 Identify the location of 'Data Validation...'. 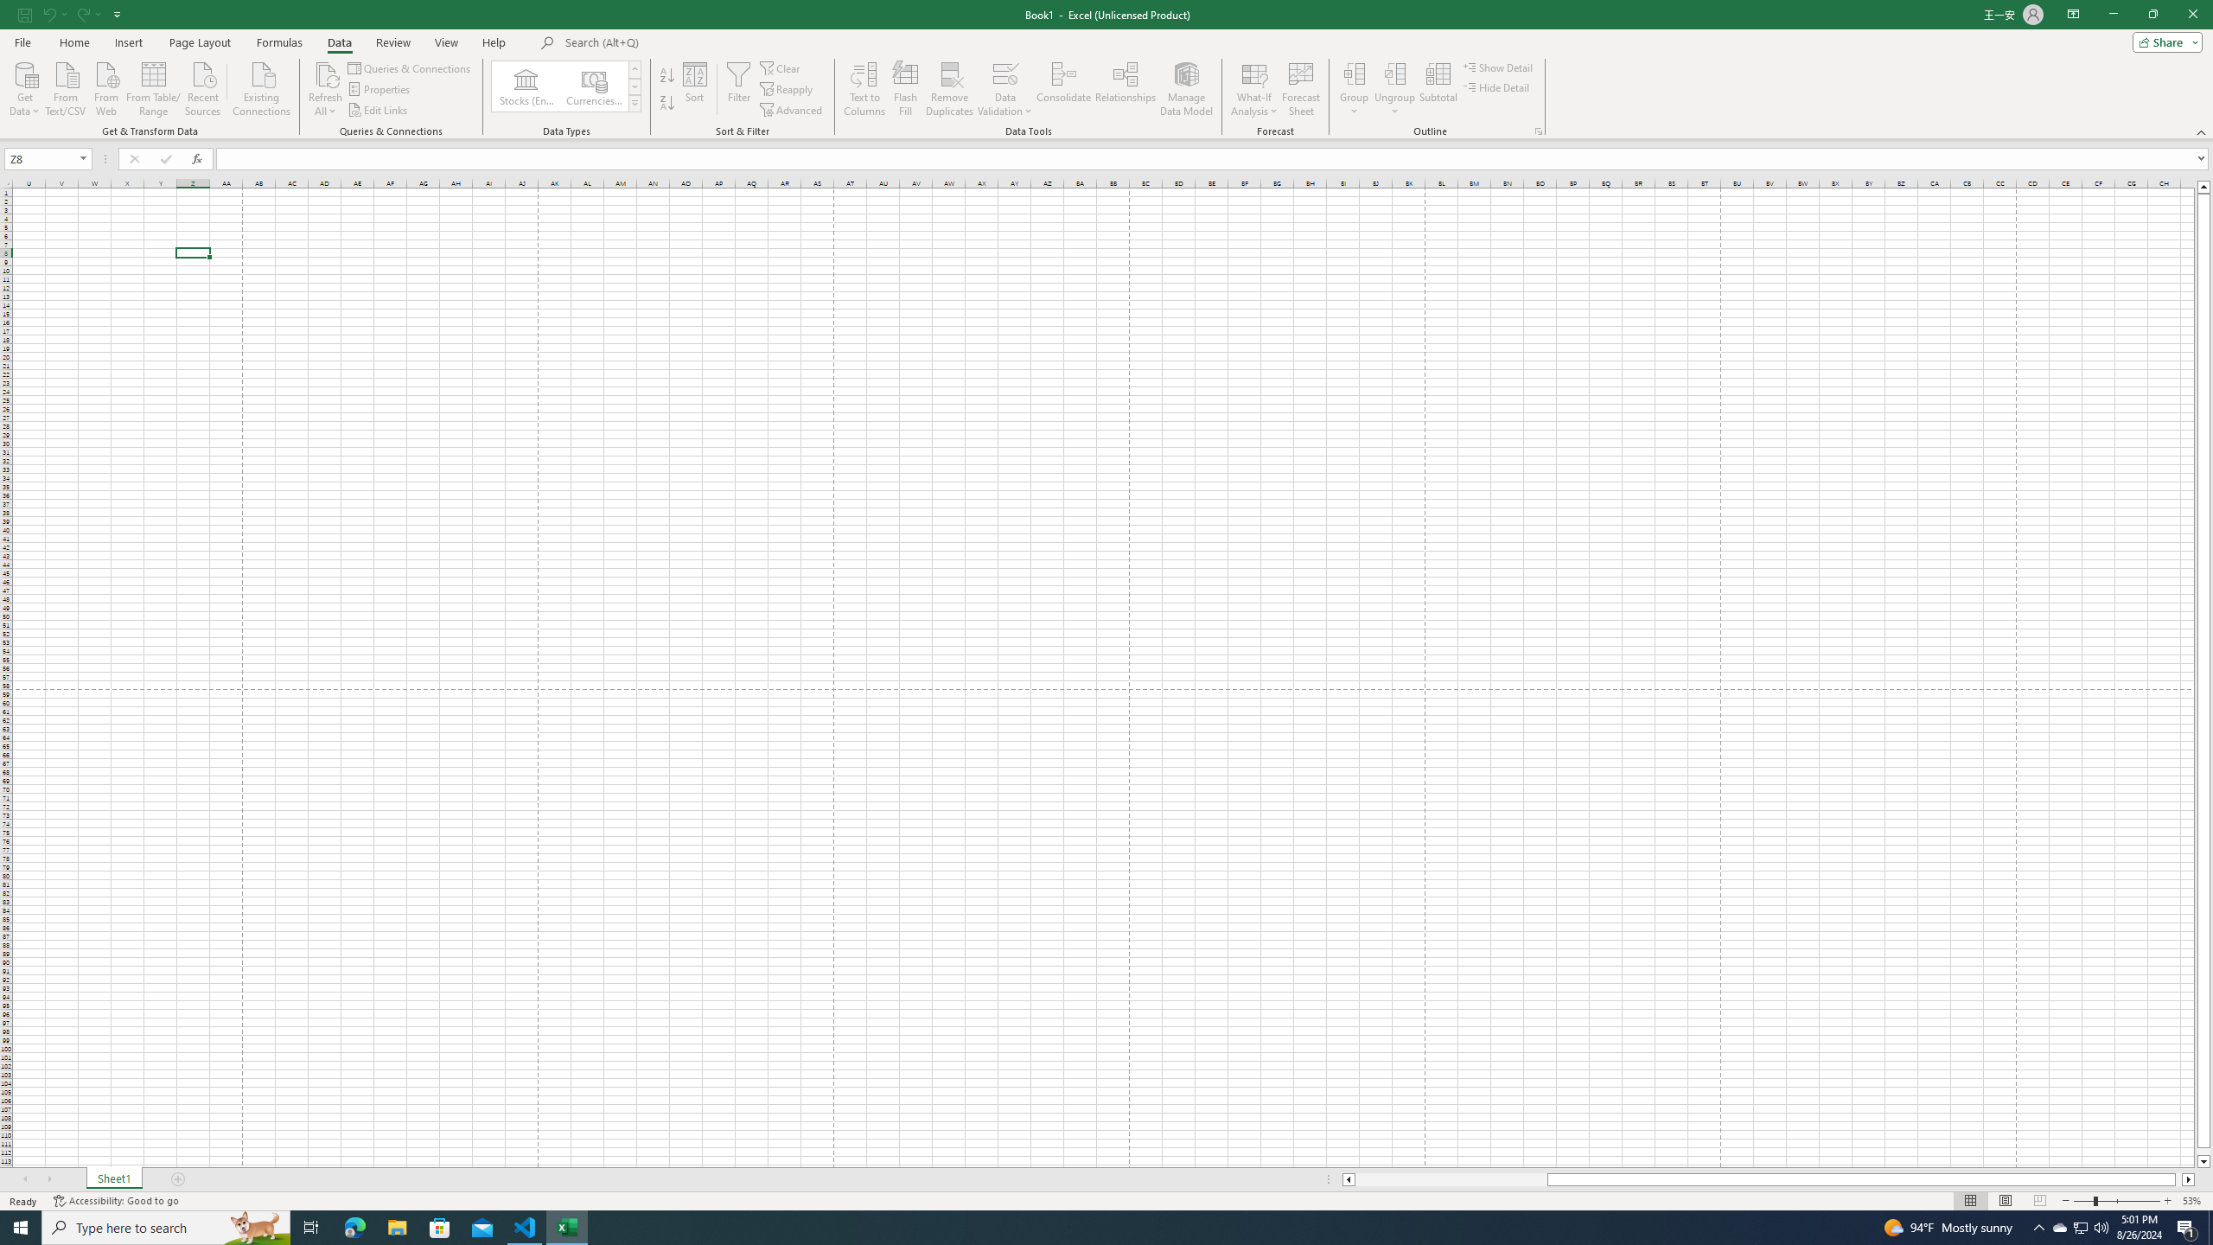
(1004, 73).